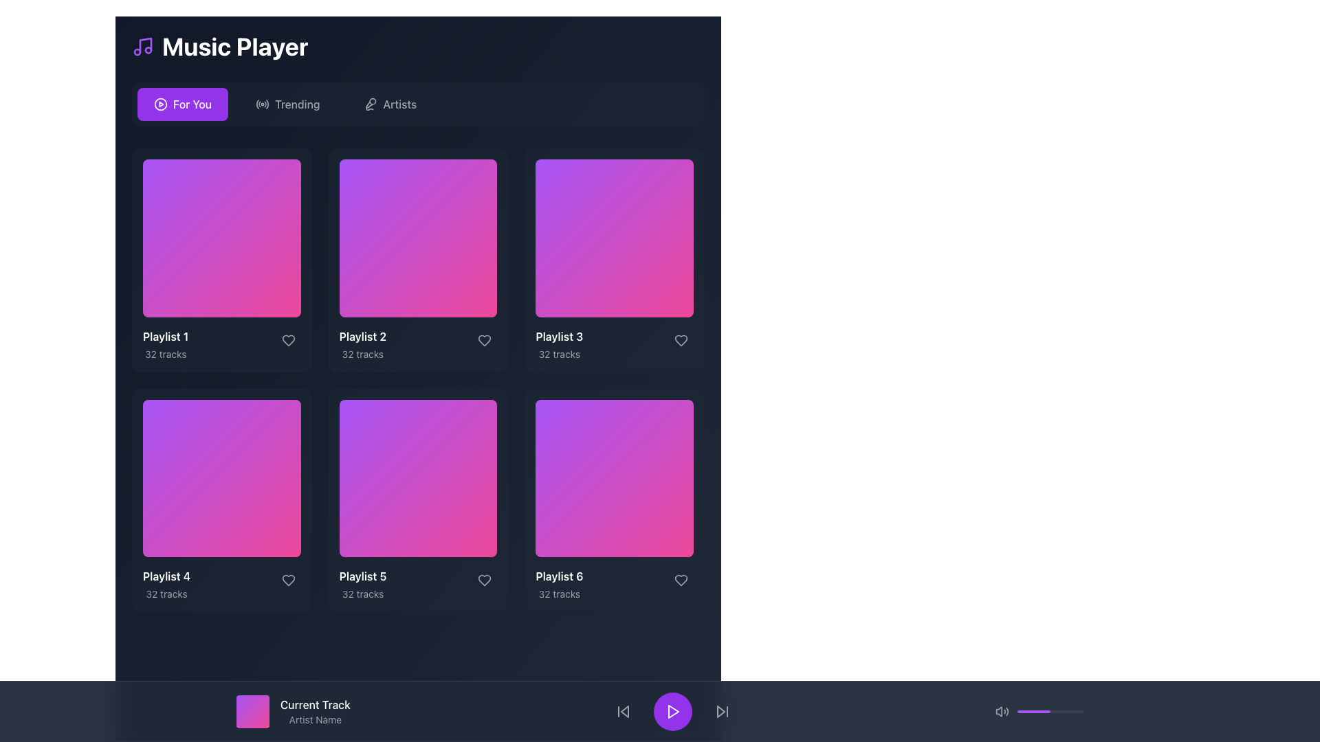 This screenshot has width=1320, height=742. Describe the element at coordinates (1059, 711) in the screenshot. I see `the volume slider` at that location.